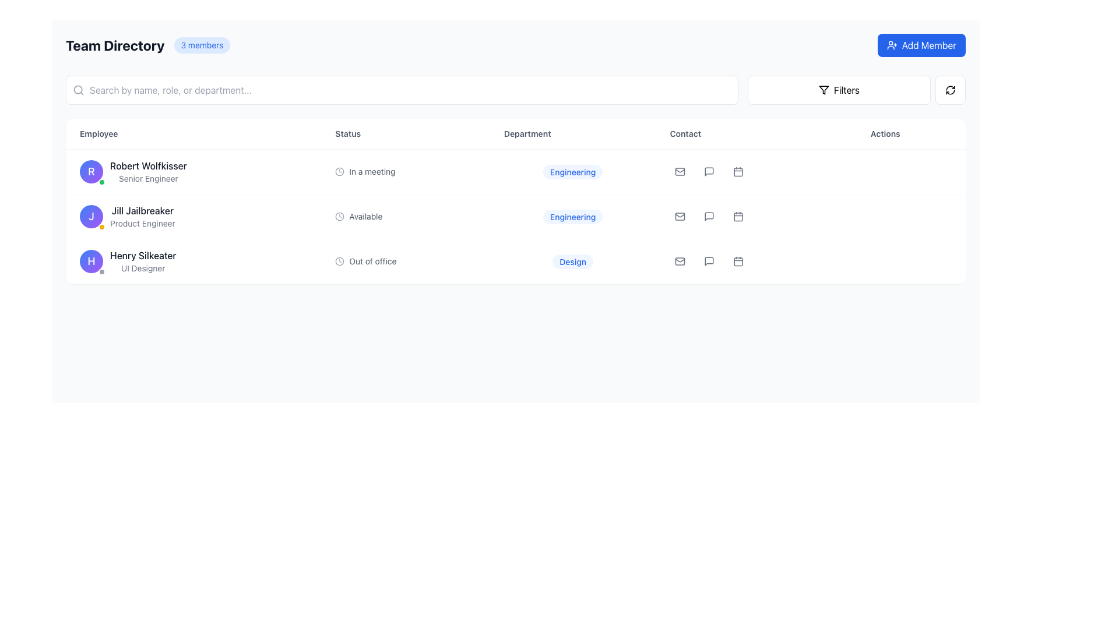 Image resolution: width=1119 pixels, height=629 pixels. I want to click on the email icon located in the 'Contact' column of the table in the second row associated with Jill Jailbreaker, so click(680, 216).